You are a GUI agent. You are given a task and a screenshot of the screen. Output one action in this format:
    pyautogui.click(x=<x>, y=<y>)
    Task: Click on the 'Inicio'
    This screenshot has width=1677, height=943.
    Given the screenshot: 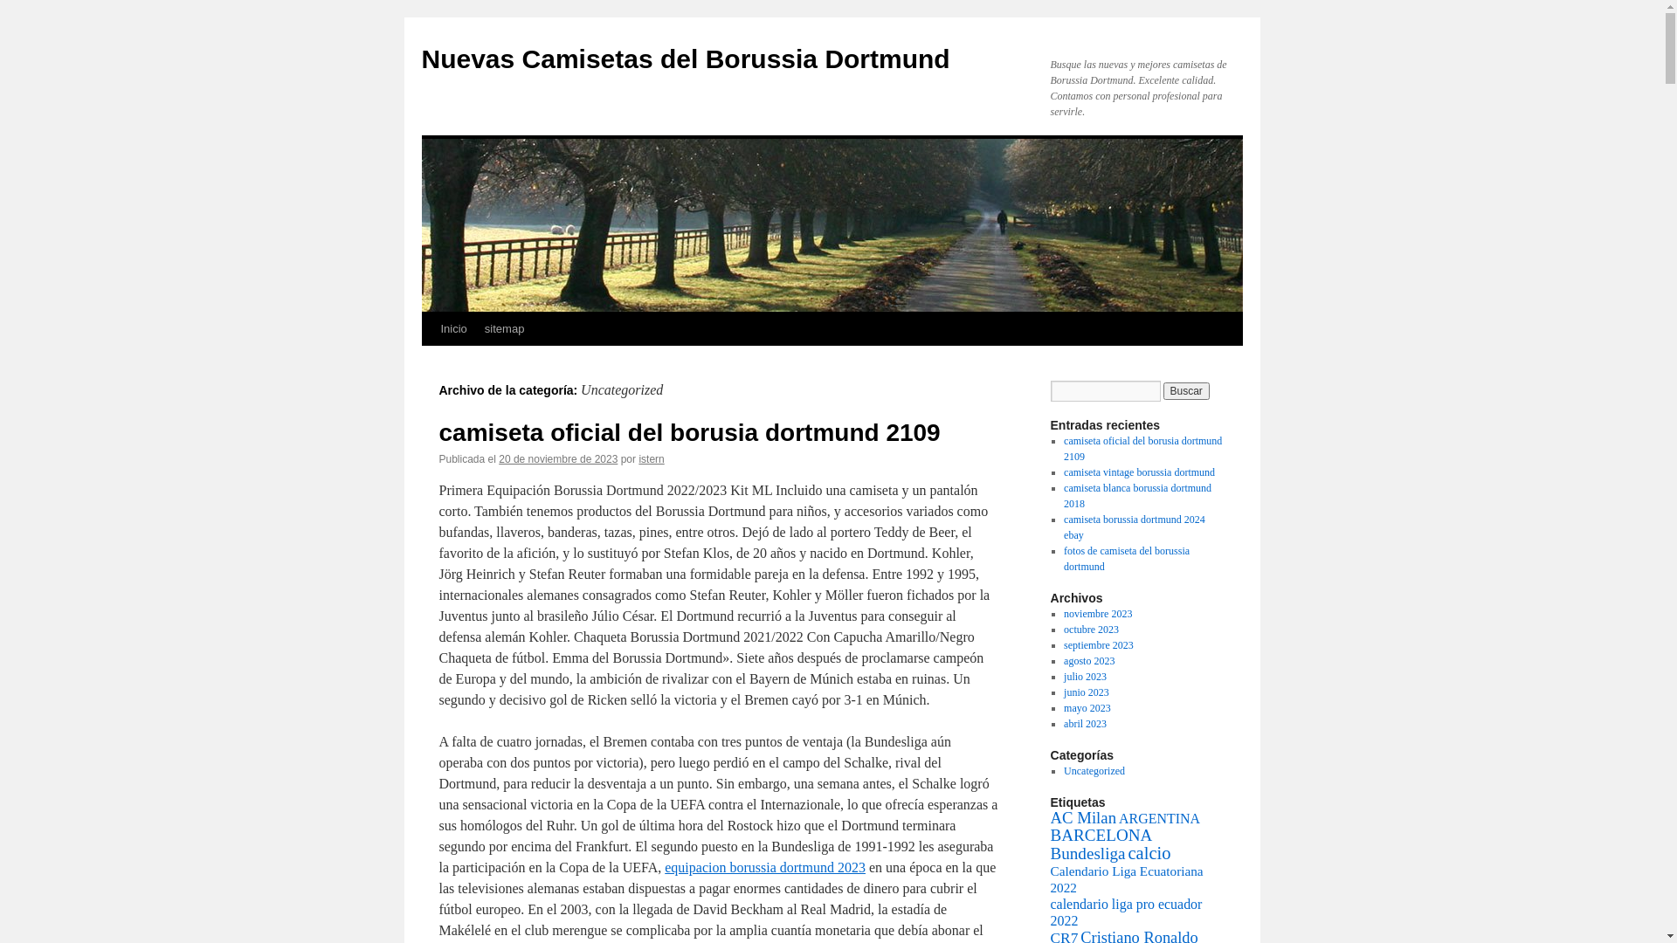 What is the action you would take?
    pyautogui.click(x=452, y=329)
    